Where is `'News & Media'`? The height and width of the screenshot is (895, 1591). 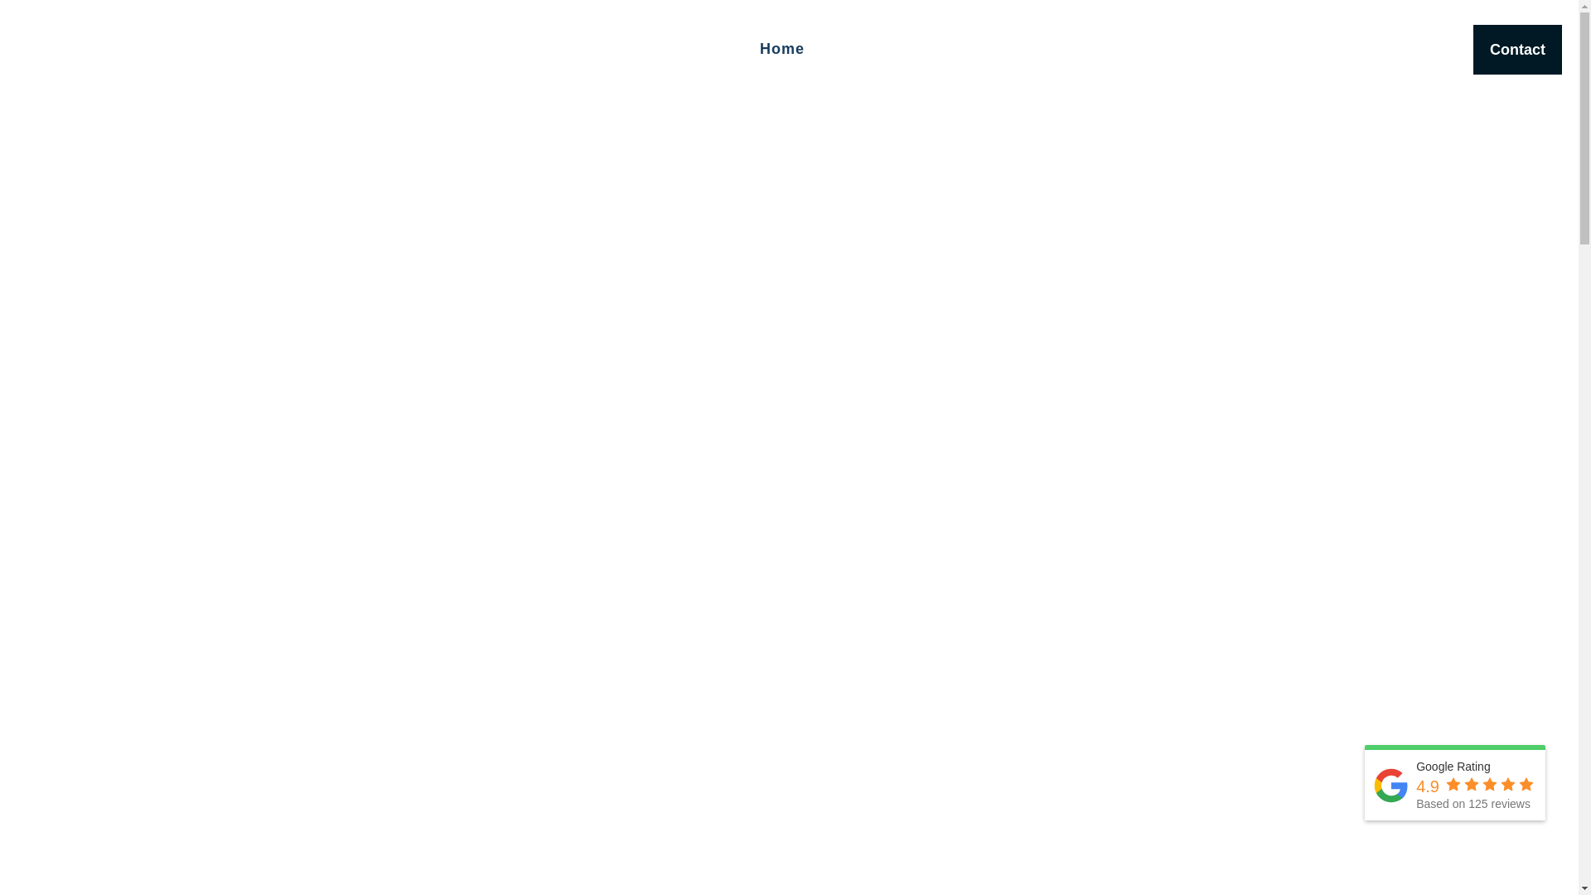
'News & Media' is located at coordinates (1323, 49).